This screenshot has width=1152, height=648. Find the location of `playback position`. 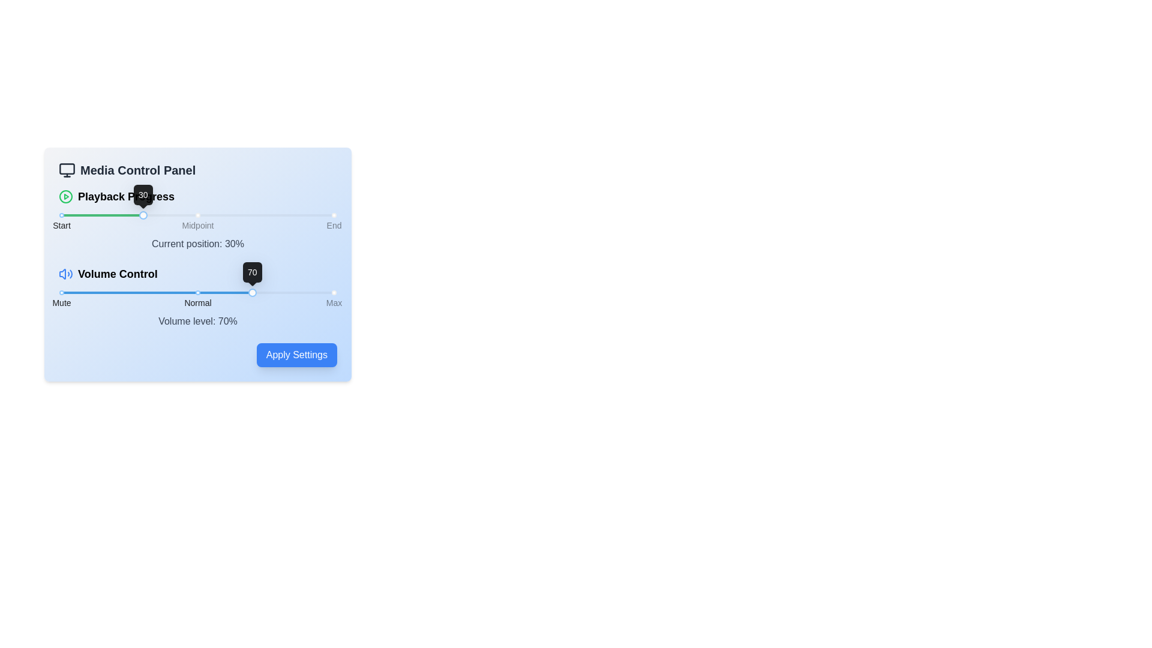

playback position is located at coordinates (135, 214).